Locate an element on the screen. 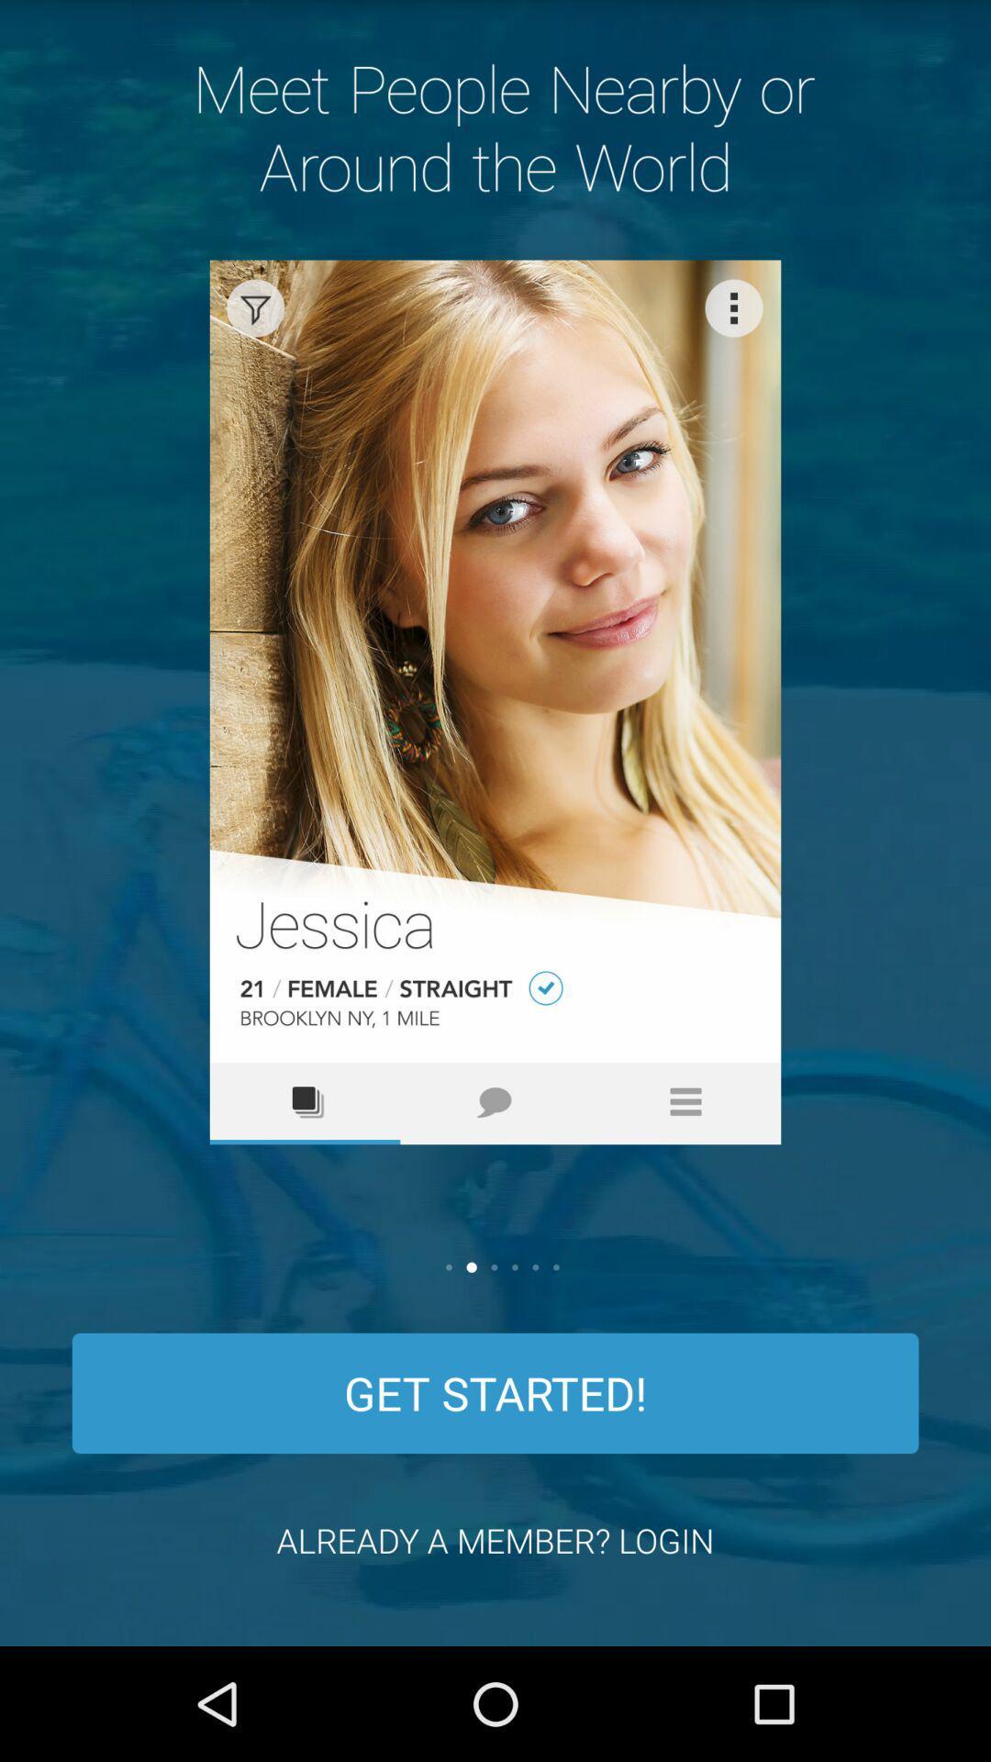  item below get started! item is located at coordinates (495, 1540).